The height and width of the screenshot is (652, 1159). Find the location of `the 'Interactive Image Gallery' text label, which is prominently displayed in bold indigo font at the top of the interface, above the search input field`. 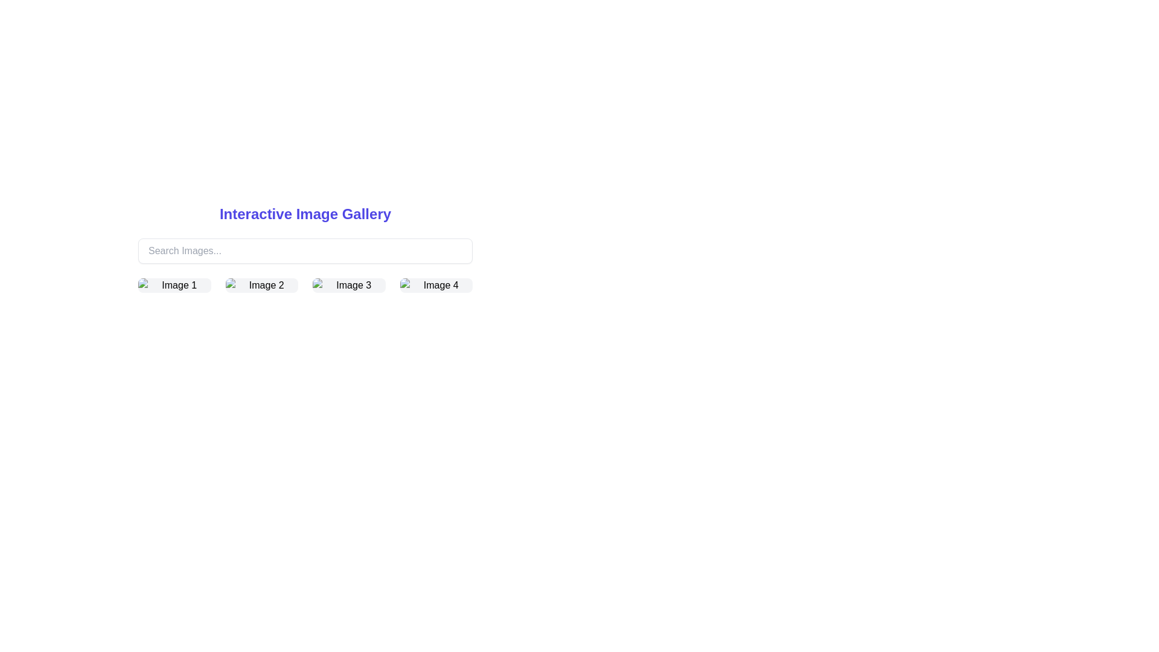

the 'Interactive Image Gallery' text label, which is prominently displayed in bold indigo font at the top of the interface, above the search input field is located at coordinates (305, 213).